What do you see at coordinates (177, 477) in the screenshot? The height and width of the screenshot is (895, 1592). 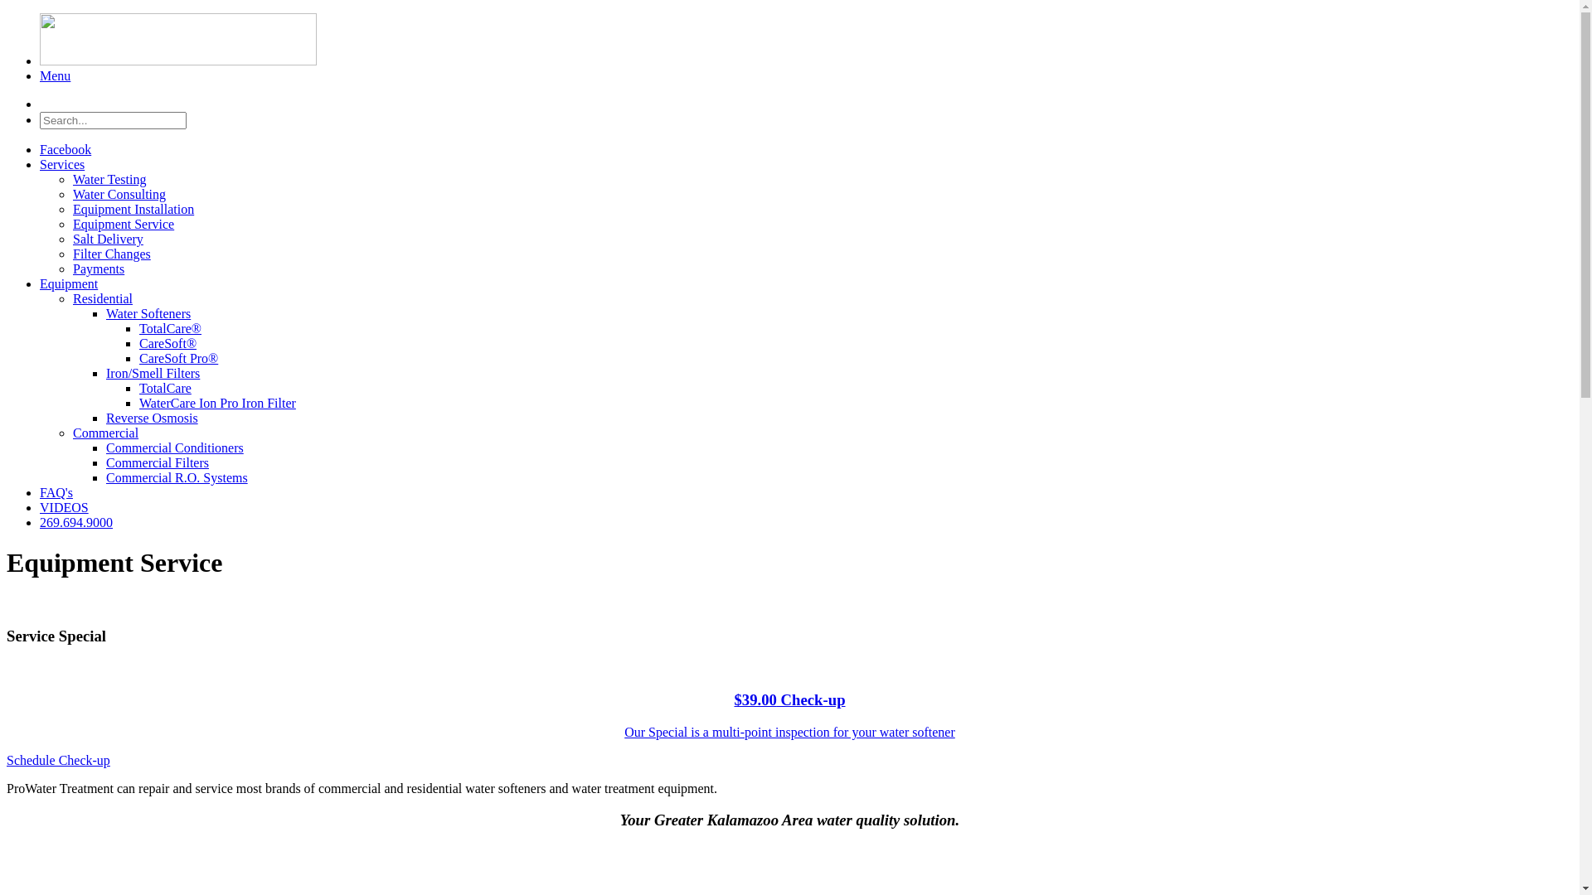 I see `'Commercial R.O. Systems'` at bounding box center [177, 477].